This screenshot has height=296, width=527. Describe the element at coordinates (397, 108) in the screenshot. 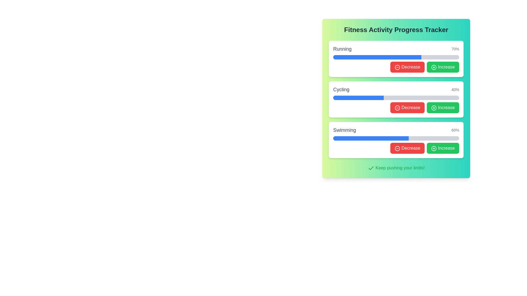

I see `the icon indicating the 'Decrease' function within the red button labeled 'Decrease' on the 'Cycling' progress card` at that location.